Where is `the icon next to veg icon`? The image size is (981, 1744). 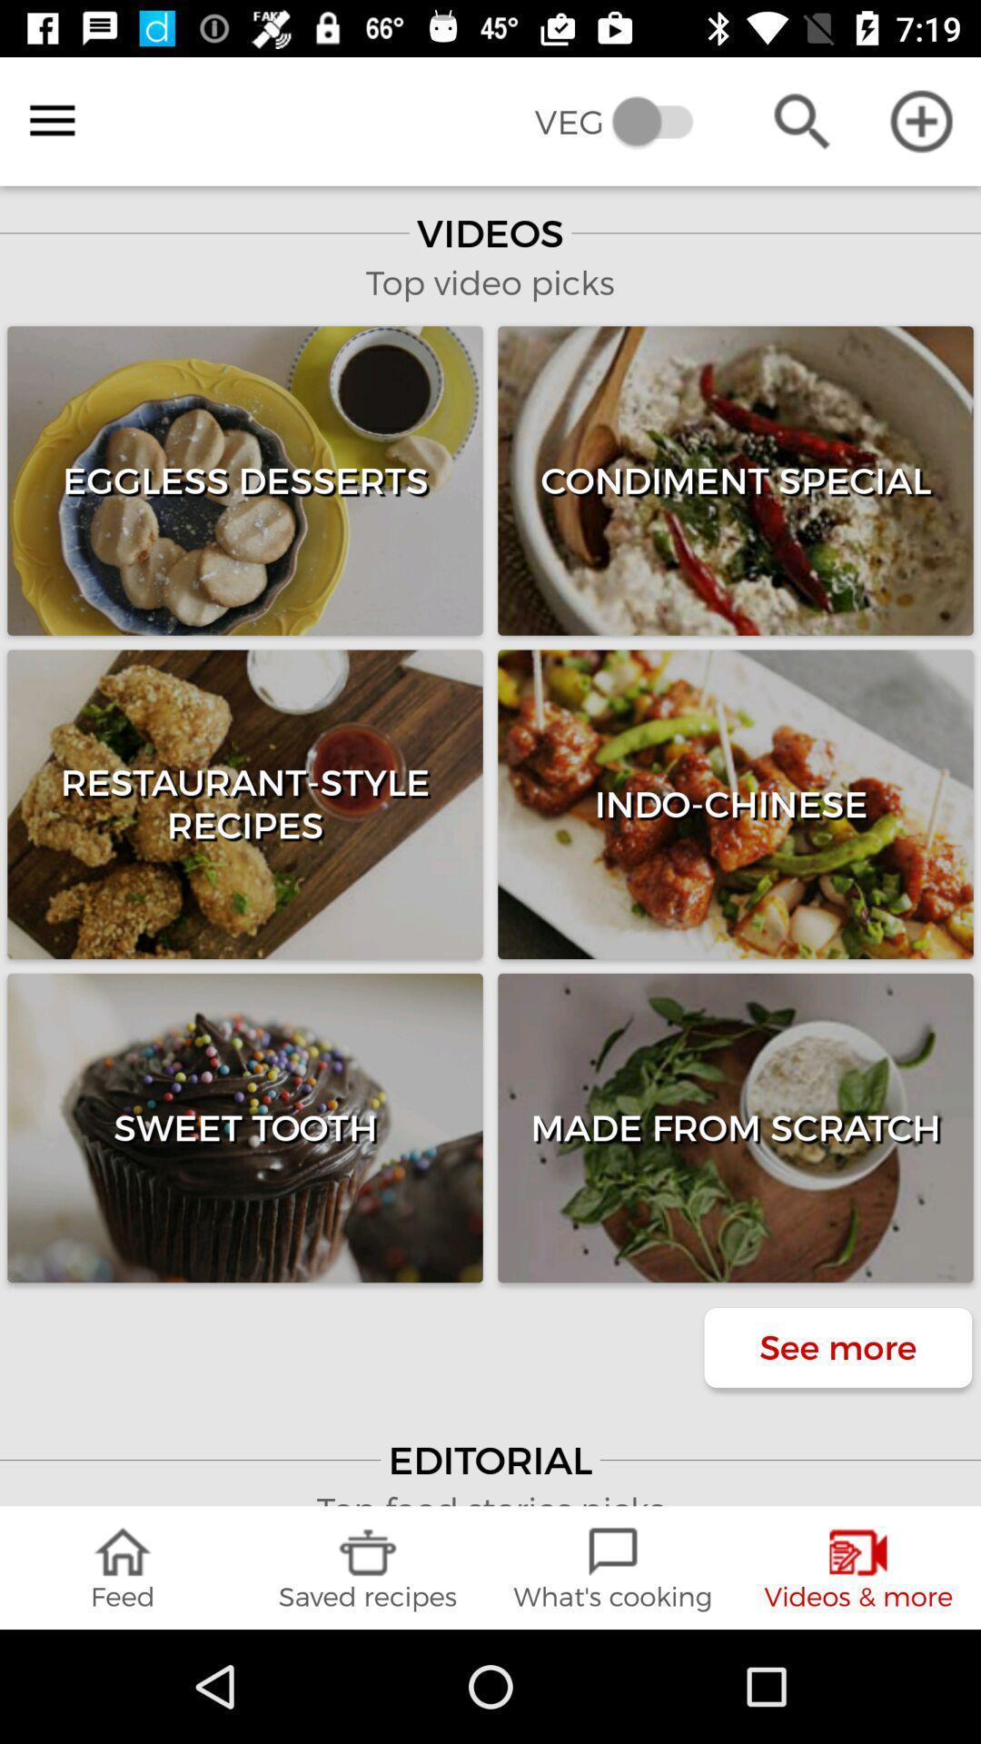 the icon next to veg icon is located at coordinates (801, 120).